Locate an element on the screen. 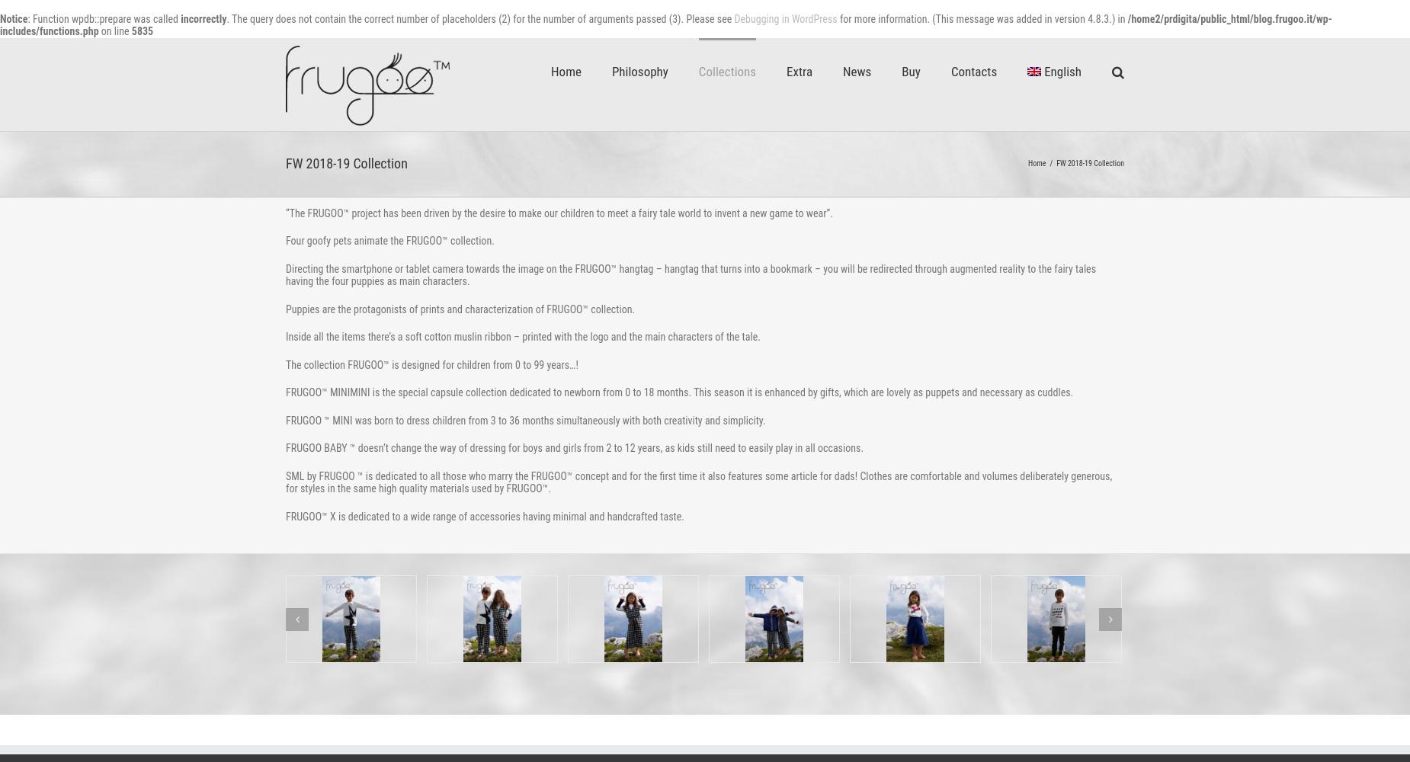 Image resolution: width=1410 pixels, height=762 pixels. 'Home' is located at coordinates (1036, 162).